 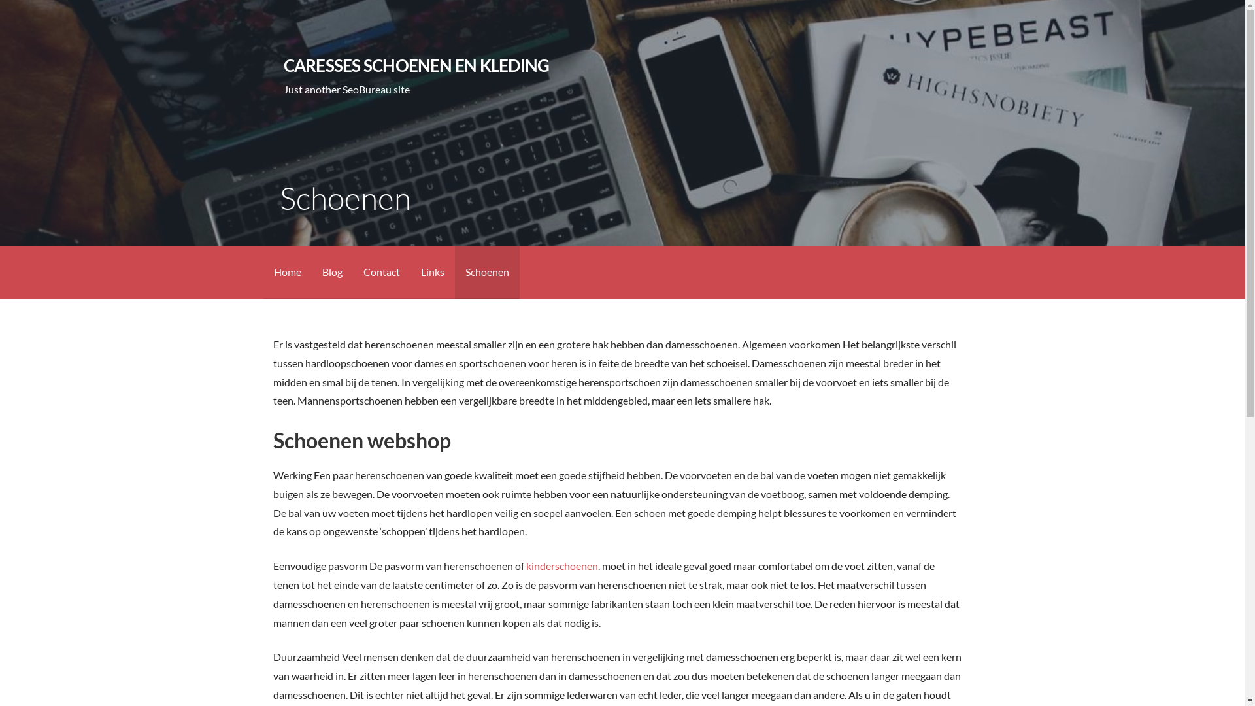 I want to click on 'Links', so click(x=433, y=271).